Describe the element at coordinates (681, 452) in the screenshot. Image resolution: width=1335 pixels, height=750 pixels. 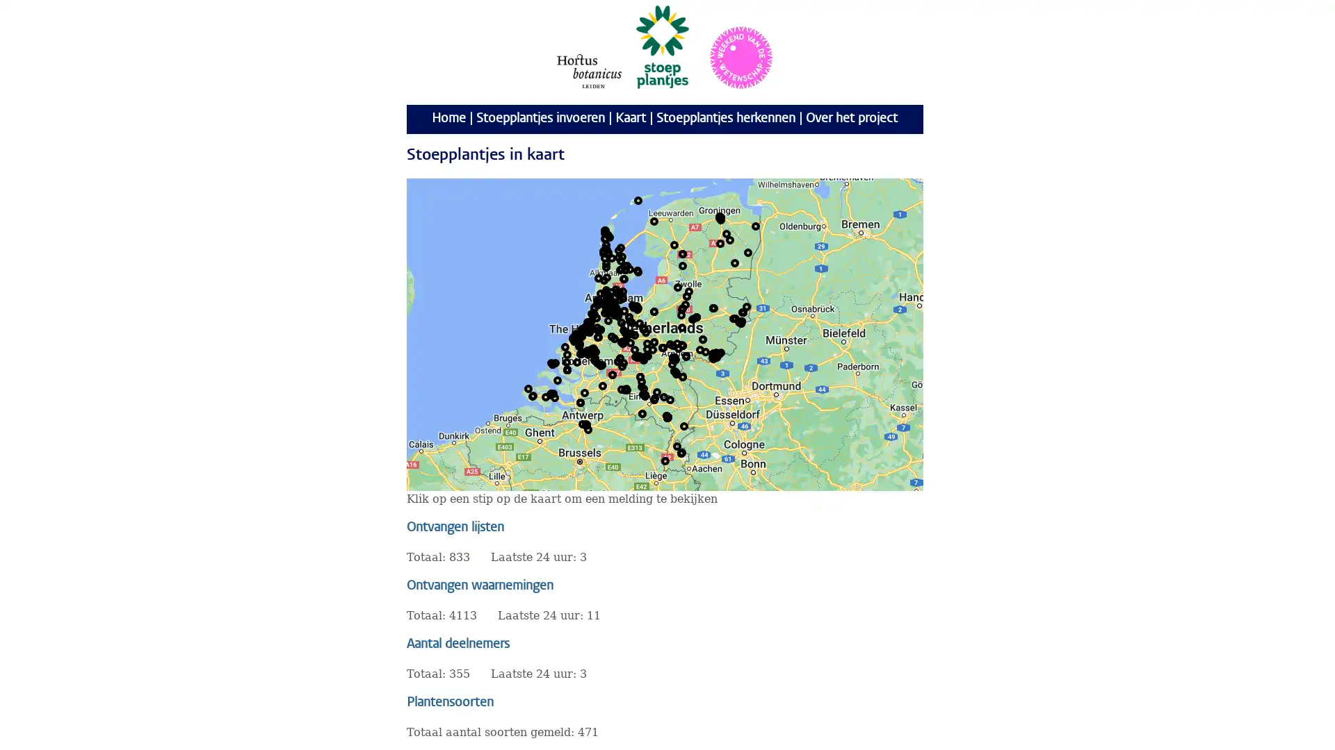
I see `Telling van Renee oudijk op 27 oktober 2021` at that location.